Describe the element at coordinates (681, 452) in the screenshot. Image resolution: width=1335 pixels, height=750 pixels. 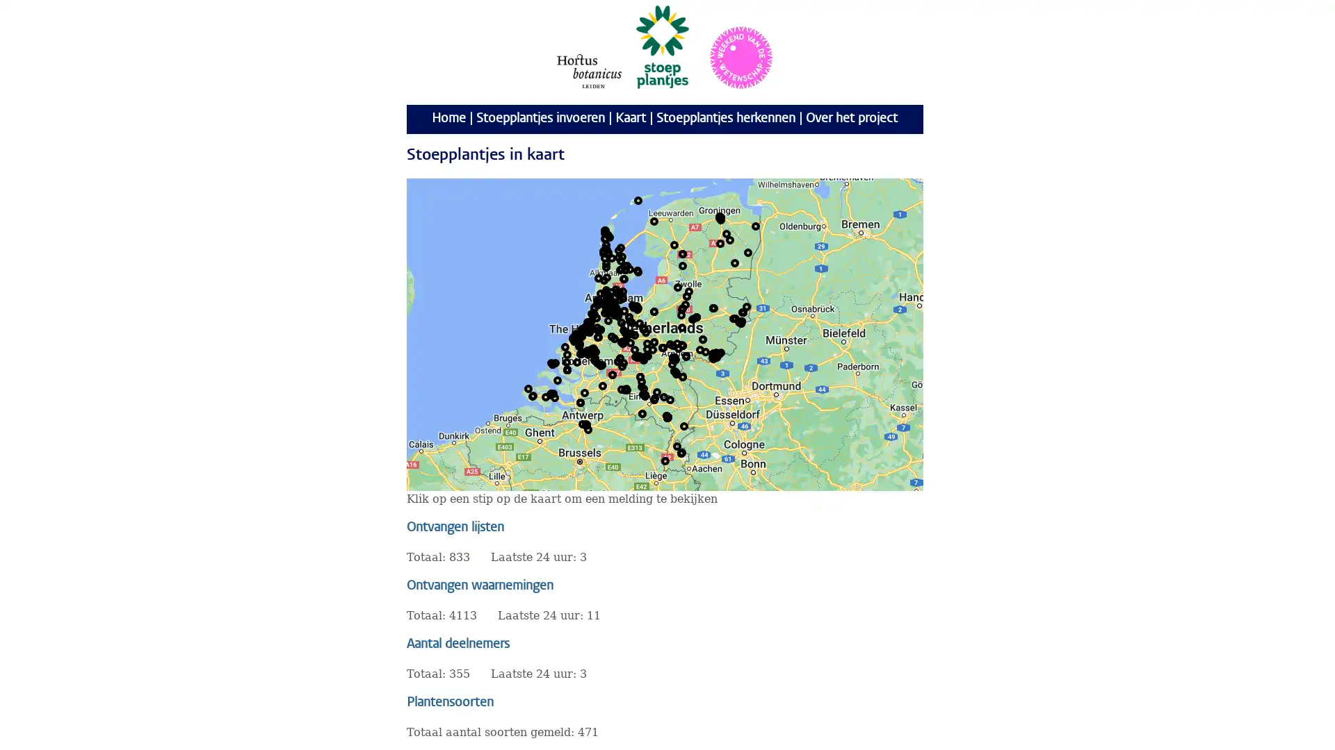
I see `Telling van Renee oudijk op 27 oktober 2021` at that location.